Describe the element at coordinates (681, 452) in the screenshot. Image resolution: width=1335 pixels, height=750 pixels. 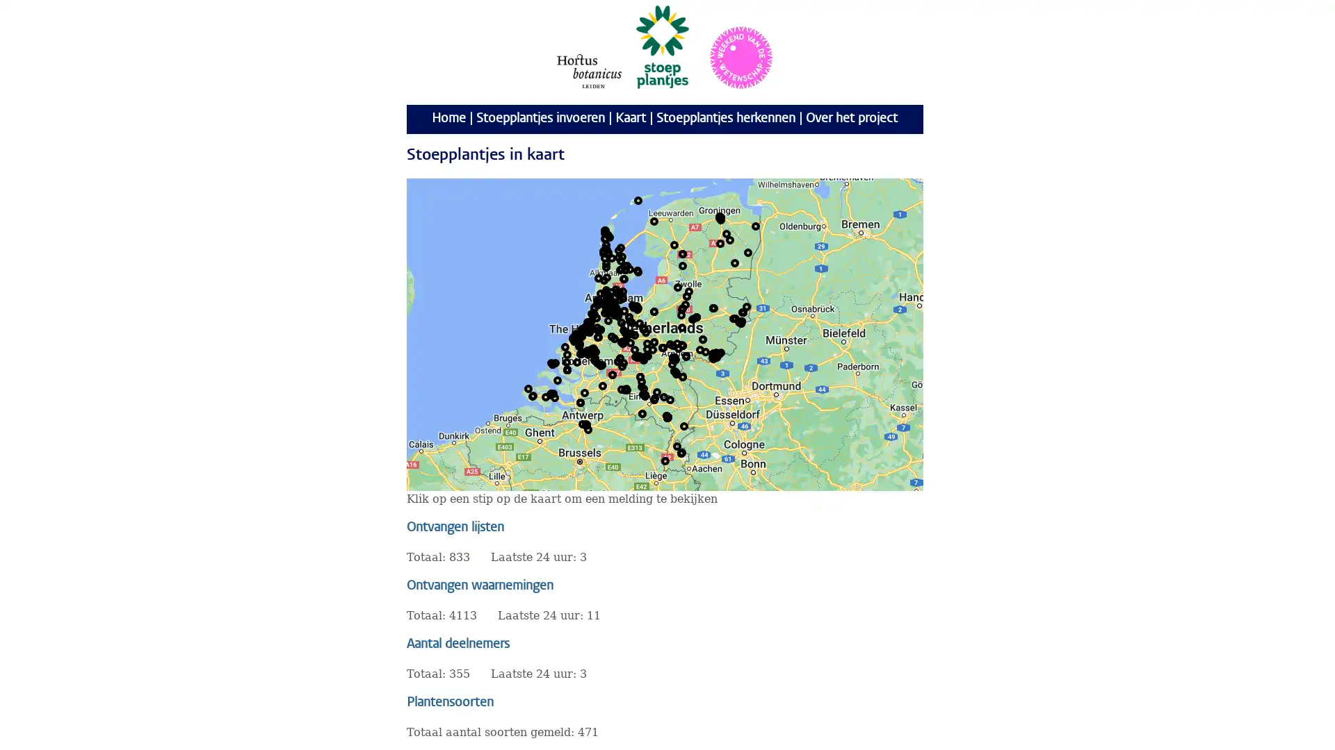
I see `Telling van Renee oudijk op 27 oktober 2021` at that location.